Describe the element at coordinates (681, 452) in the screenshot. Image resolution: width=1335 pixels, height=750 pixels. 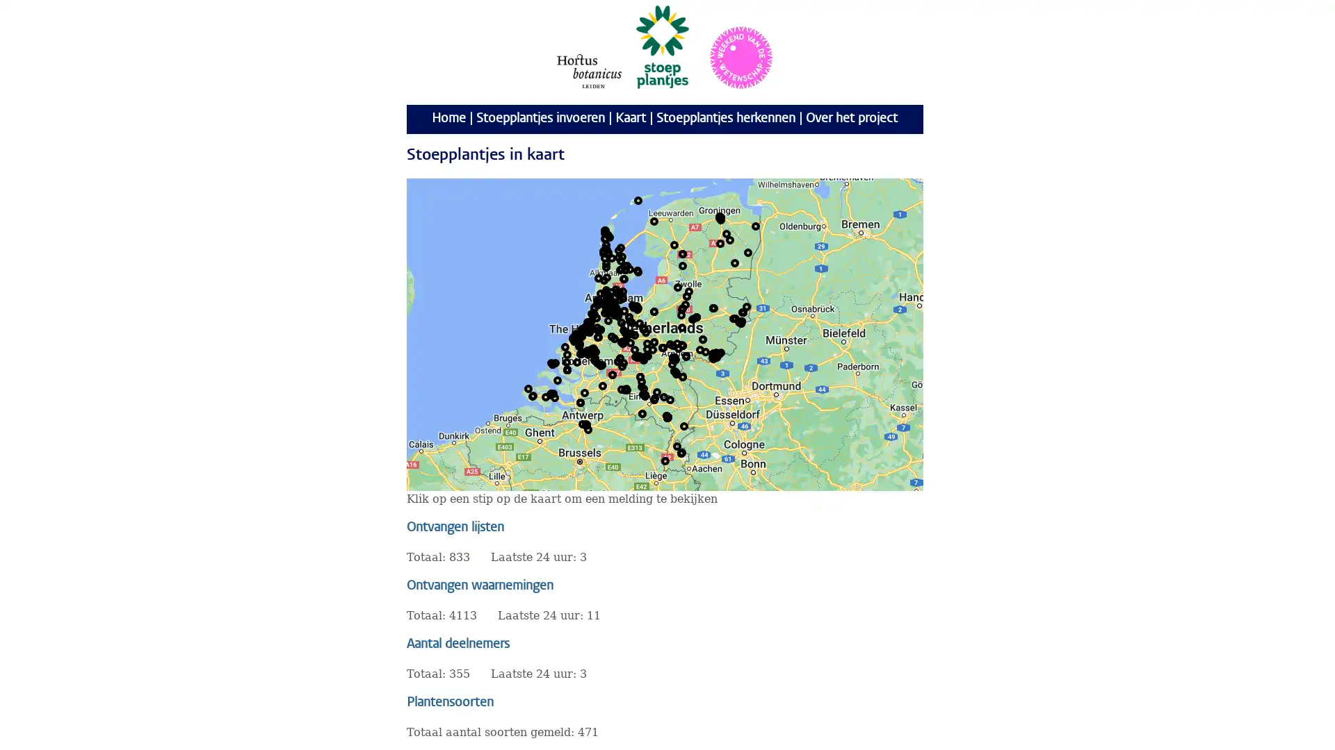
I see `Telling van Renee oudijk op 27 oktober 2021` at that location.